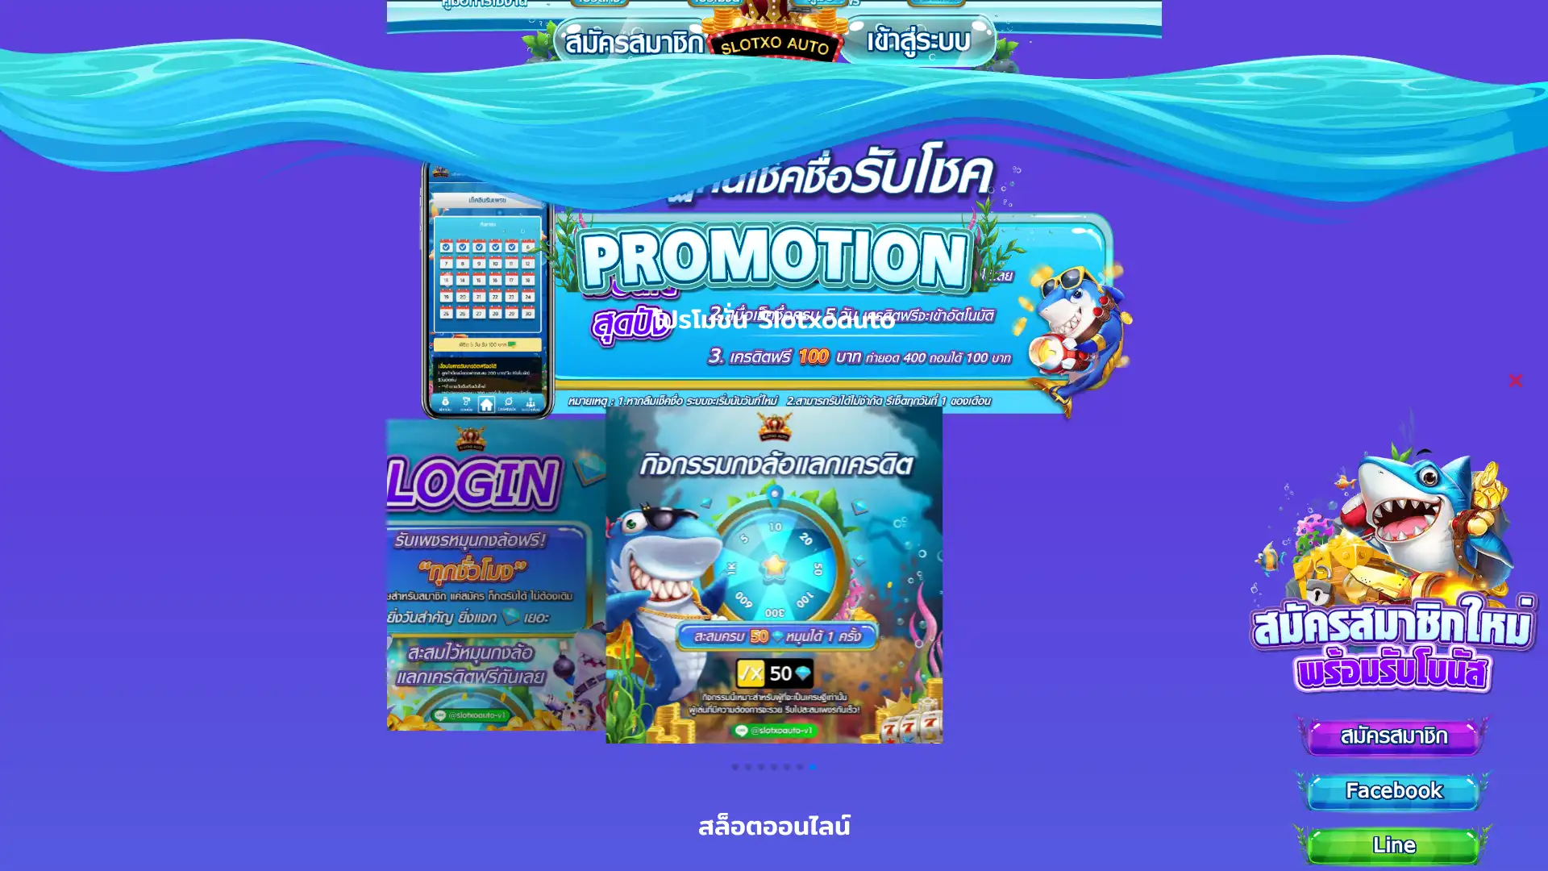  Describe the element at coordinates (444, 278) in the screenshot. I see `Previous` at that location.